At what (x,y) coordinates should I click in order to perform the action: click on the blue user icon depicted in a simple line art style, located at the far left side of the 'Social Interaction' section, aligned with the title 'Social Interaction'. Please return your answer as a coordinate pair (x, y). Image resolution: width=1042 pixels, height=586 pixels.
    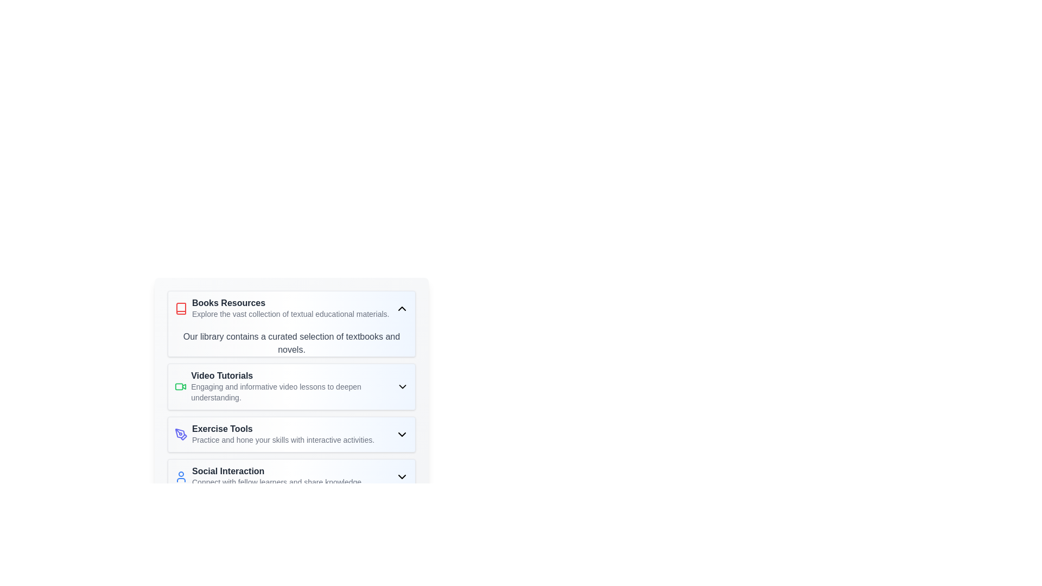
    Looking at the image, I should click on (181, 476).